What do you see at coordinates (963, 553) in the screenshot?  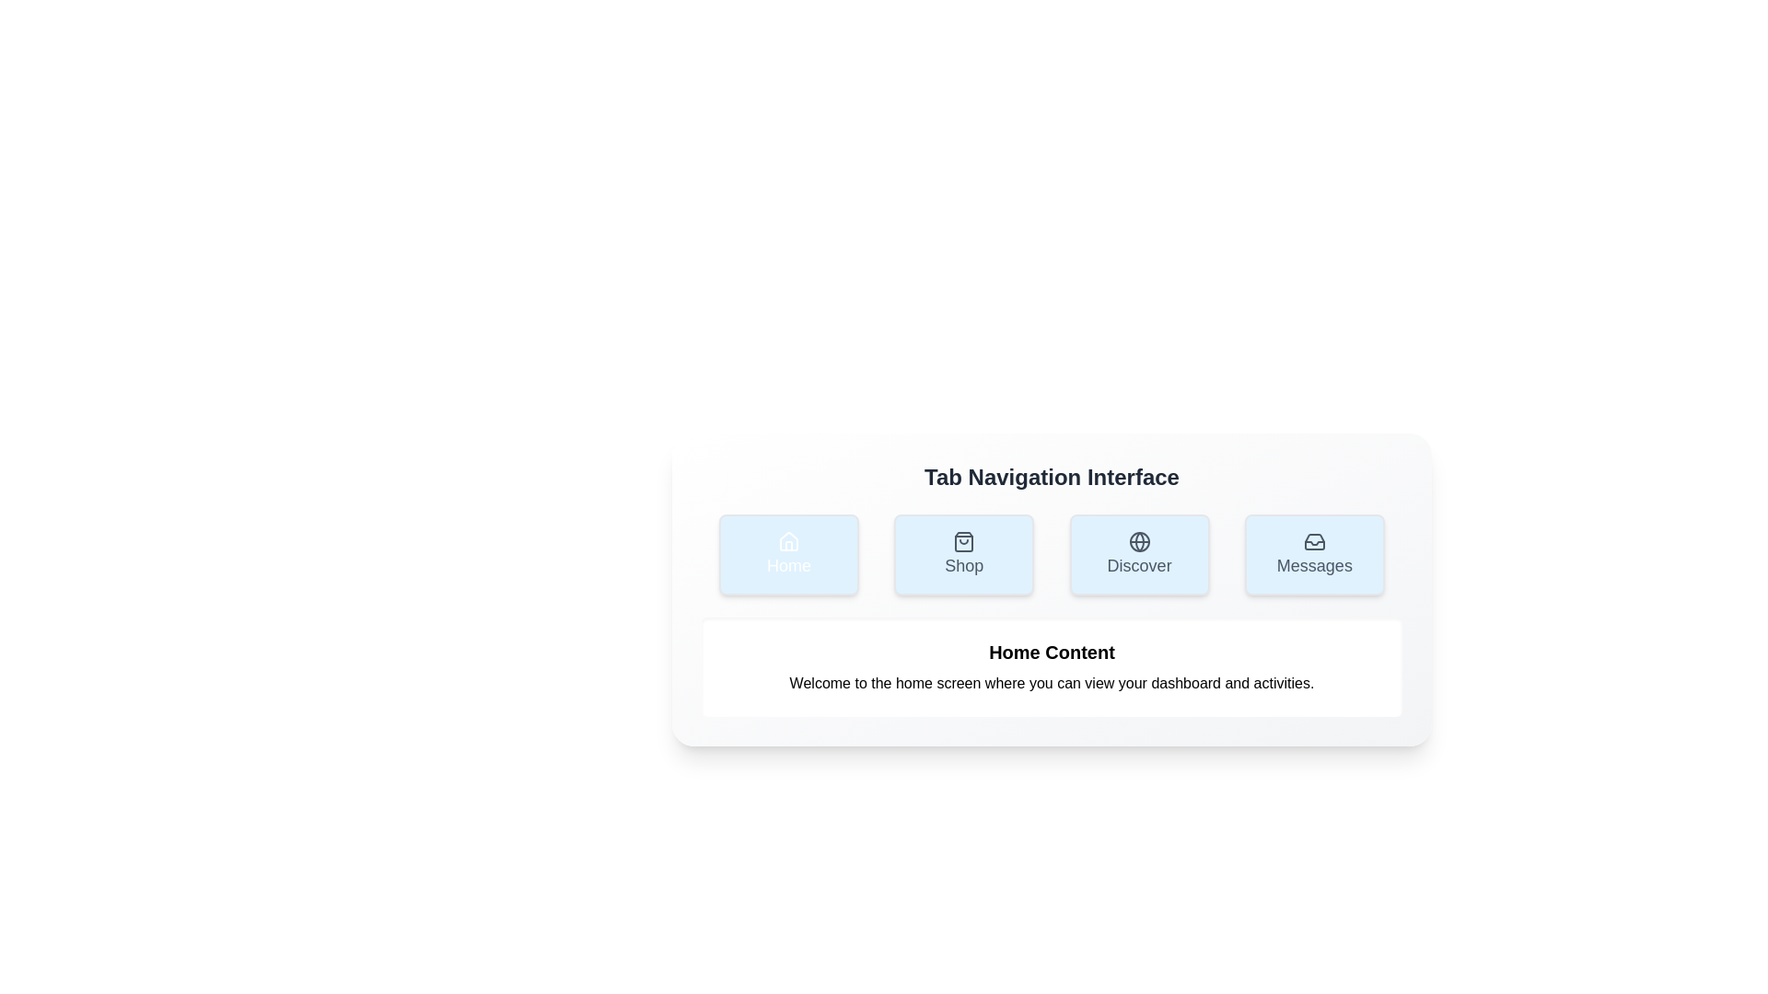 I see `the navigation button that redirects to a shopping-related page by` at bounding box center [963, 553].